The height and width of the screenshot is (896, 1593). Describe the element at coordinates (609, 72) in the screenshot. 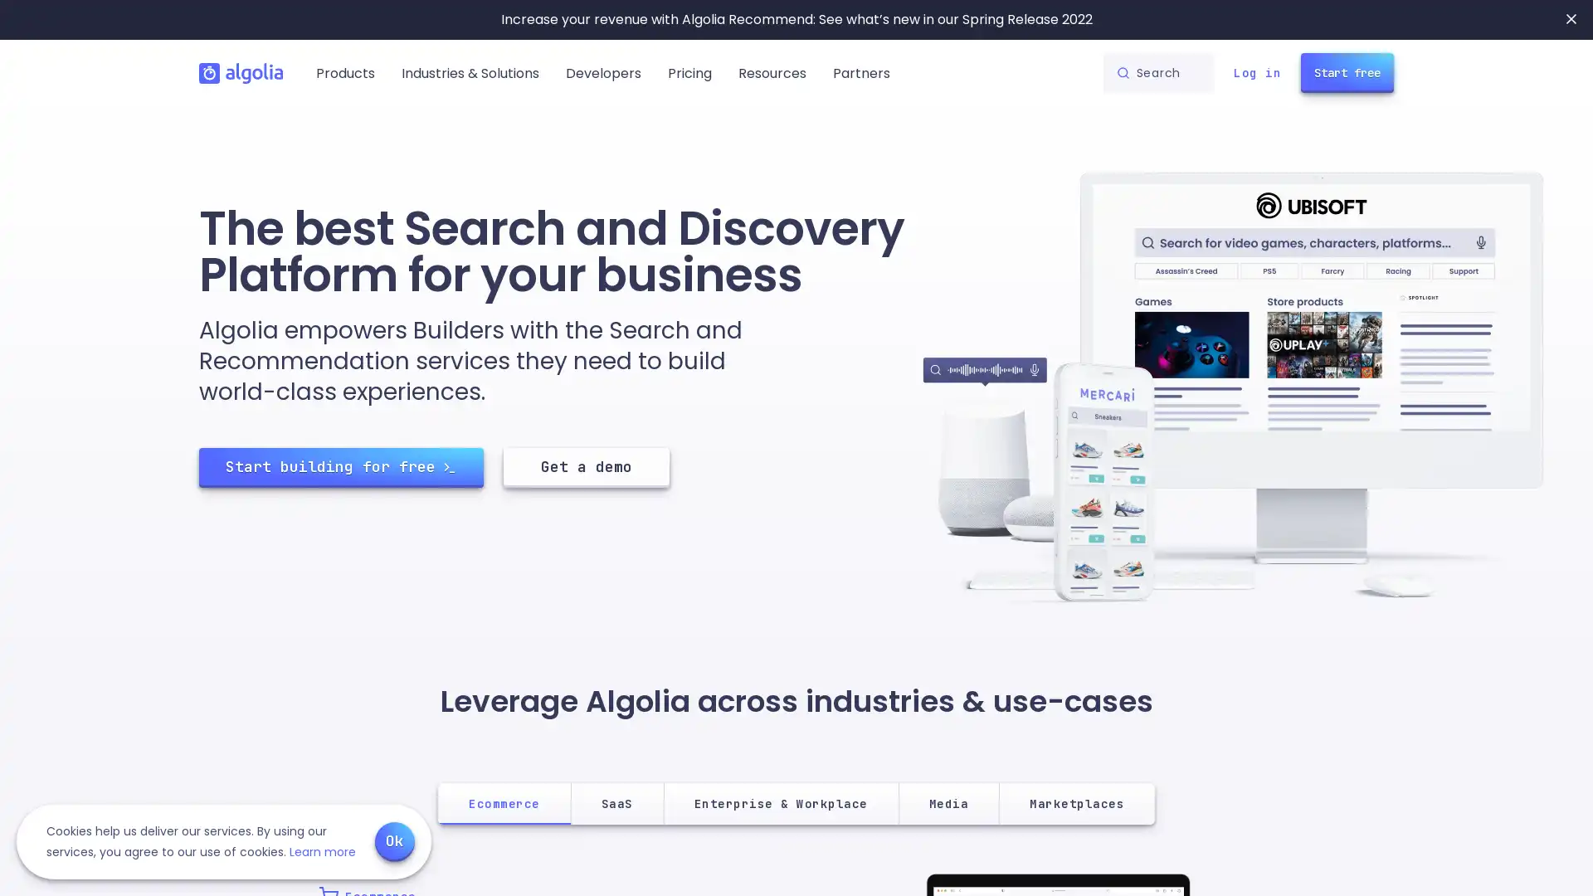

I see `Developers` at that location.